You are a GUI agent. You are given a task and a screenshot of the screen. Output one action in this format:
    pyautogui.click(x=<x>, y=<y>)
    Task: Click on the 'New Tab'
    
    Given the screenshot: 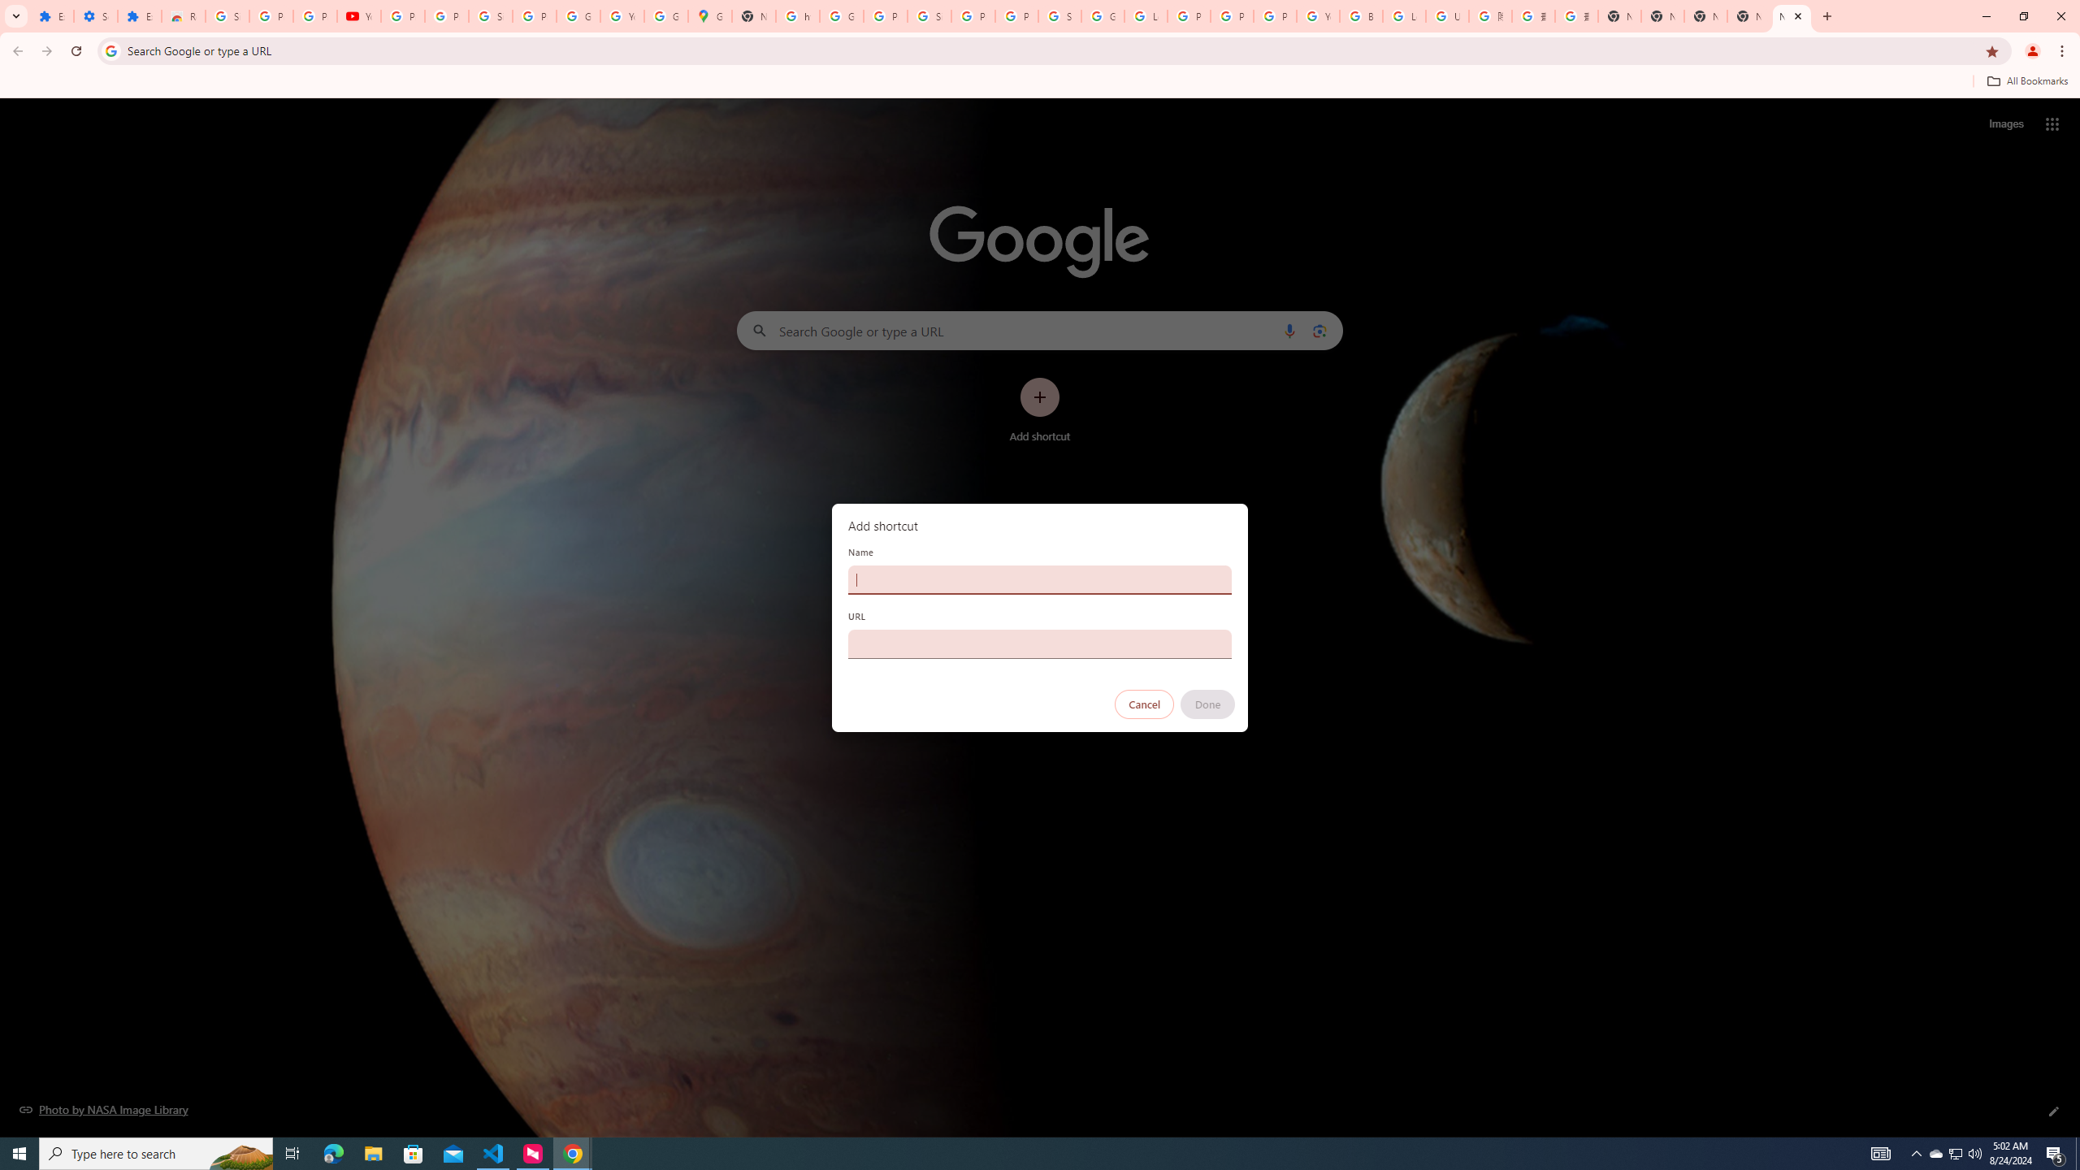 What is the action you would take?
    pyautogui.click(x=1792, y=15)
    